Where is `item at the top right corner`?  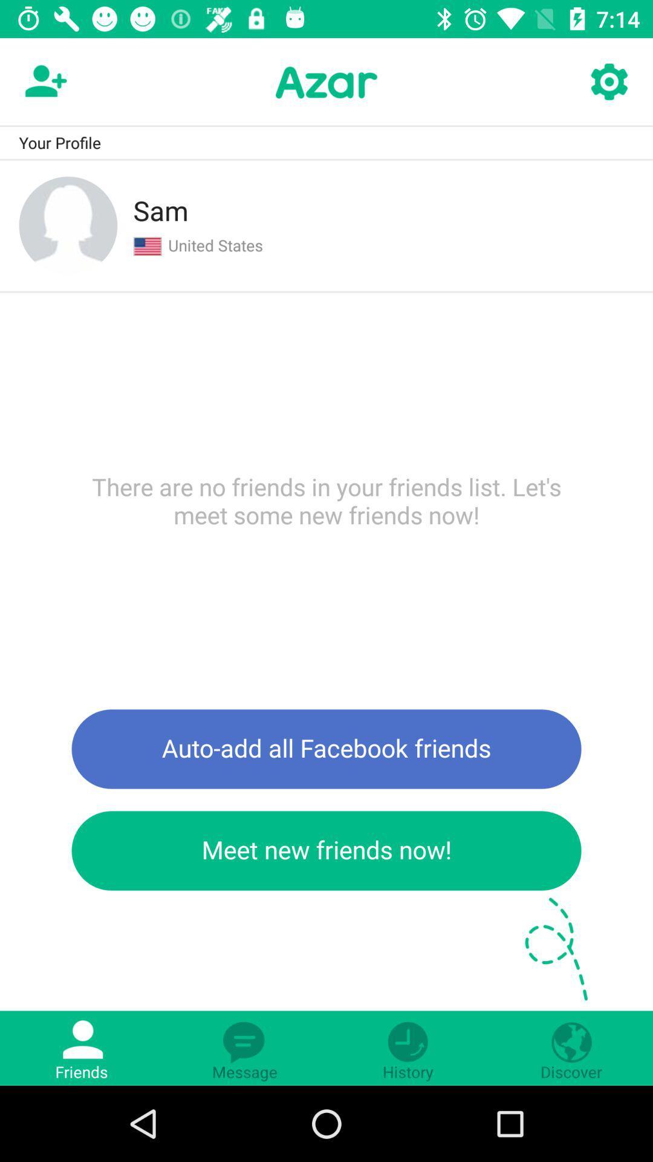 item at the top right corner is located at coordinates (608, 82).